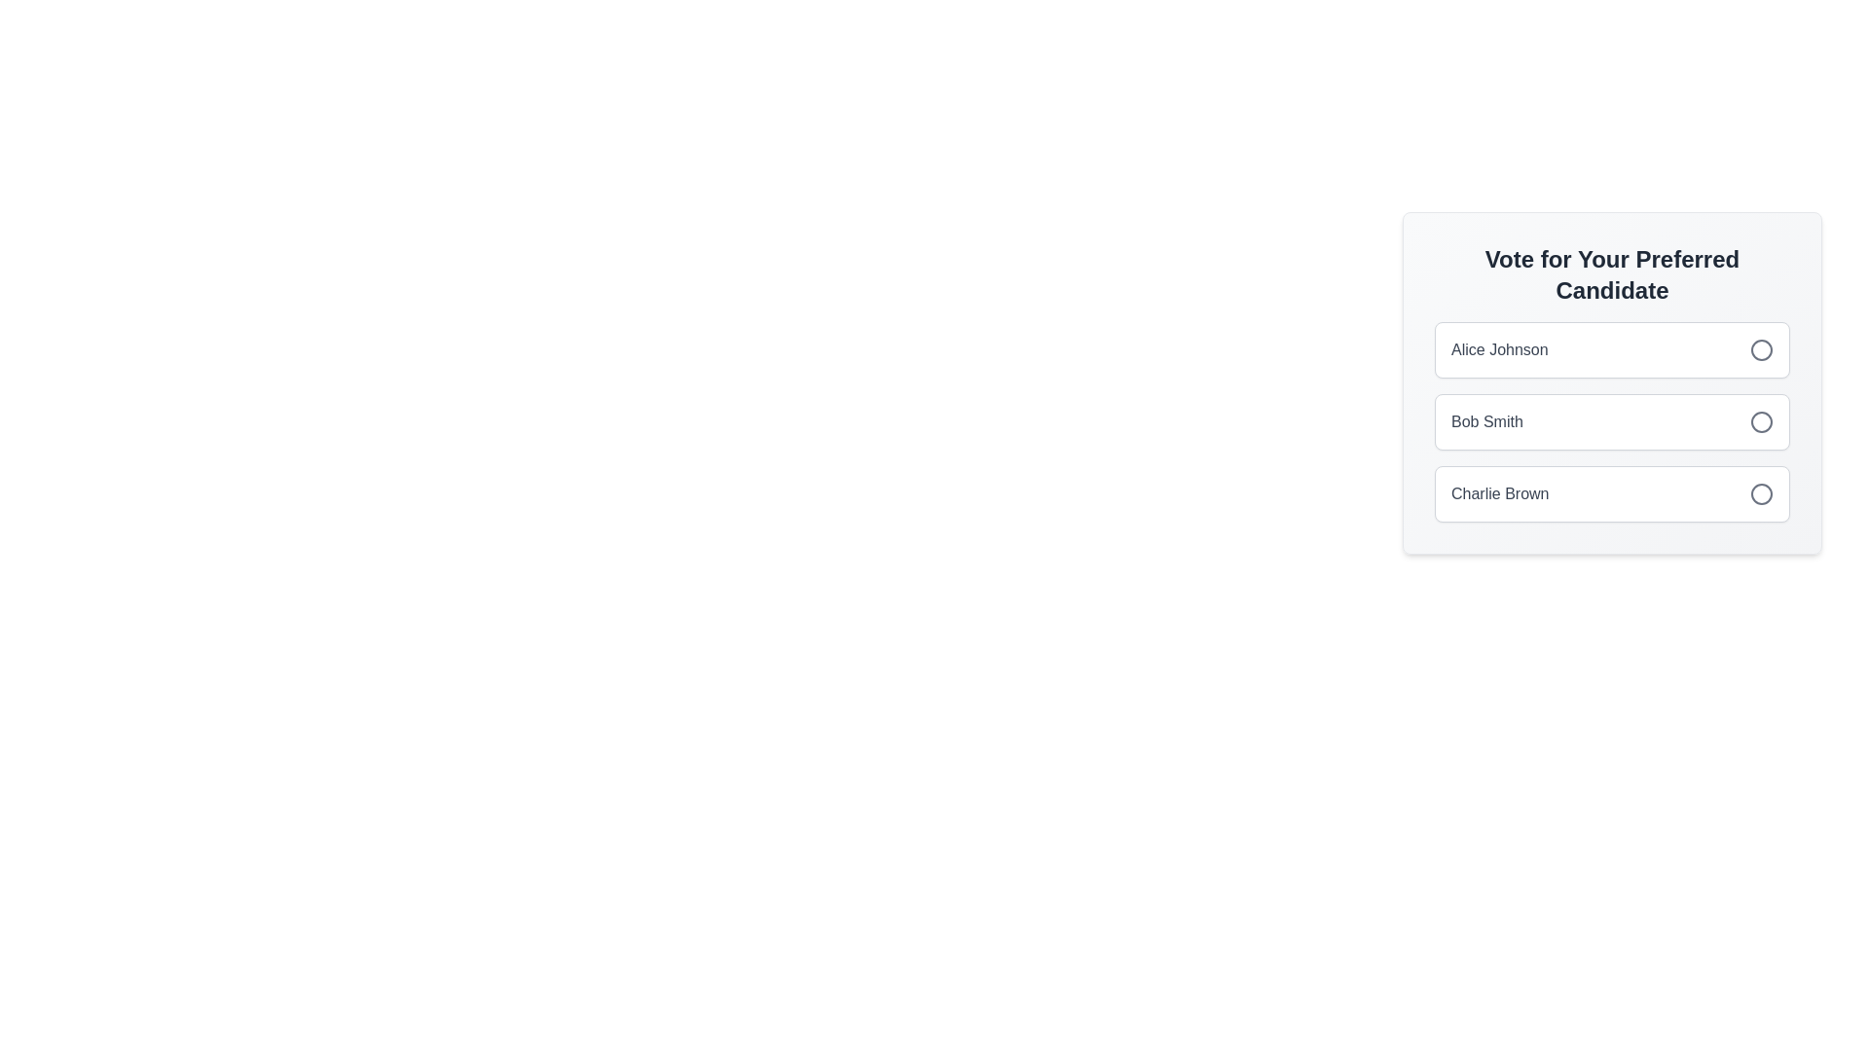 This screenshot has width=1869, height=1051. What do you see at coordinates (1761, 348) in the screenshot?
I see `the gray outlined circle of the radio button indicator` at bounding box center [1761, 348].